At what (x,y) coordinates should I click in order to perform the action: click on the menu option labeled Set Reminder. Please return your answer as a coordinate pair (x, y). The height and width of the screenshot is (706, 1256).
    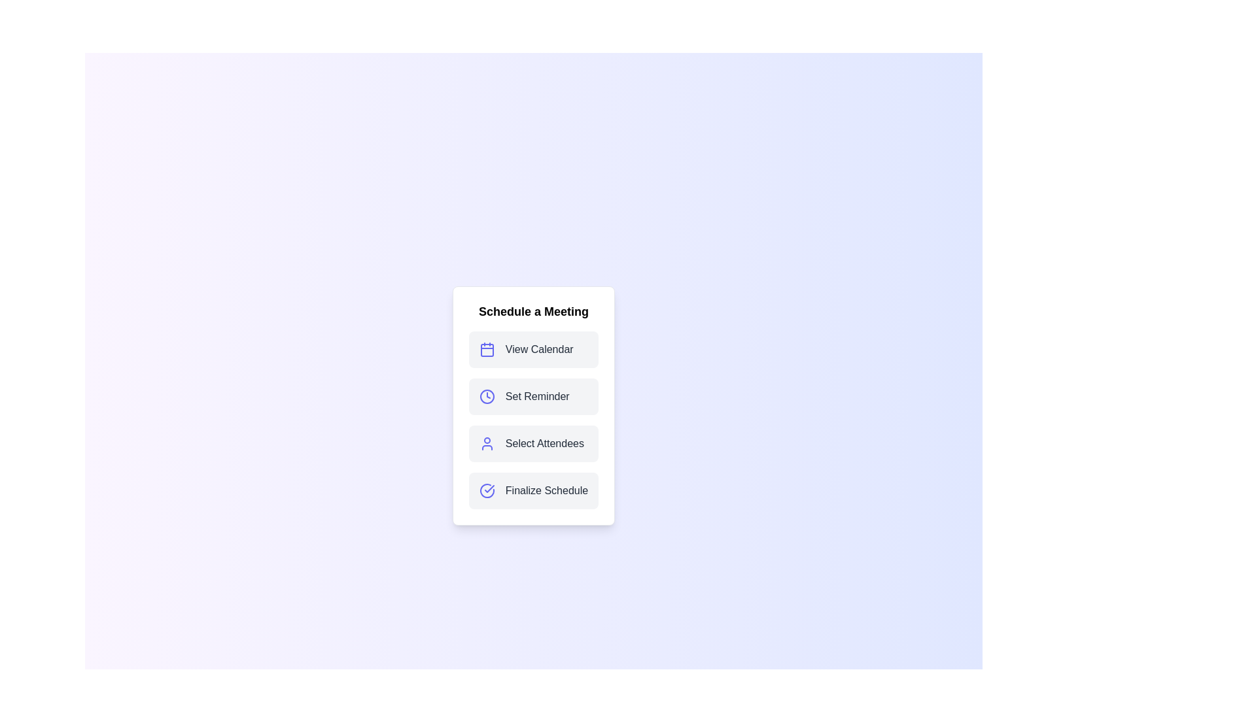
    Looking at the image, I should click on (534, 395).